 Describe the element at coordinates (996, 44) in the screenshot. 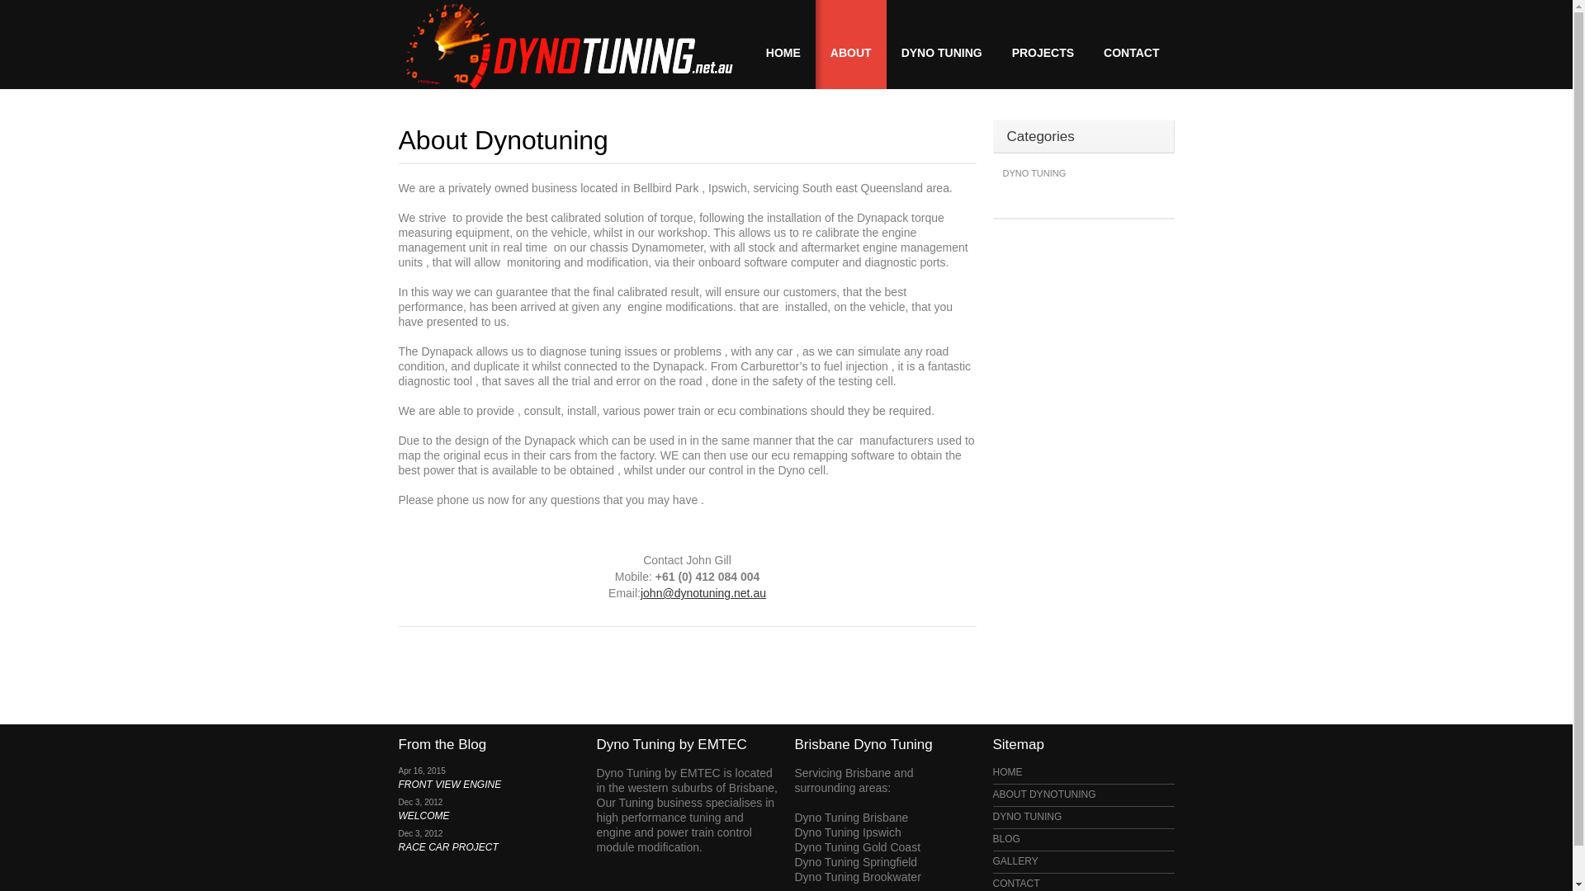

I see `'PROJECTS'` at that location.